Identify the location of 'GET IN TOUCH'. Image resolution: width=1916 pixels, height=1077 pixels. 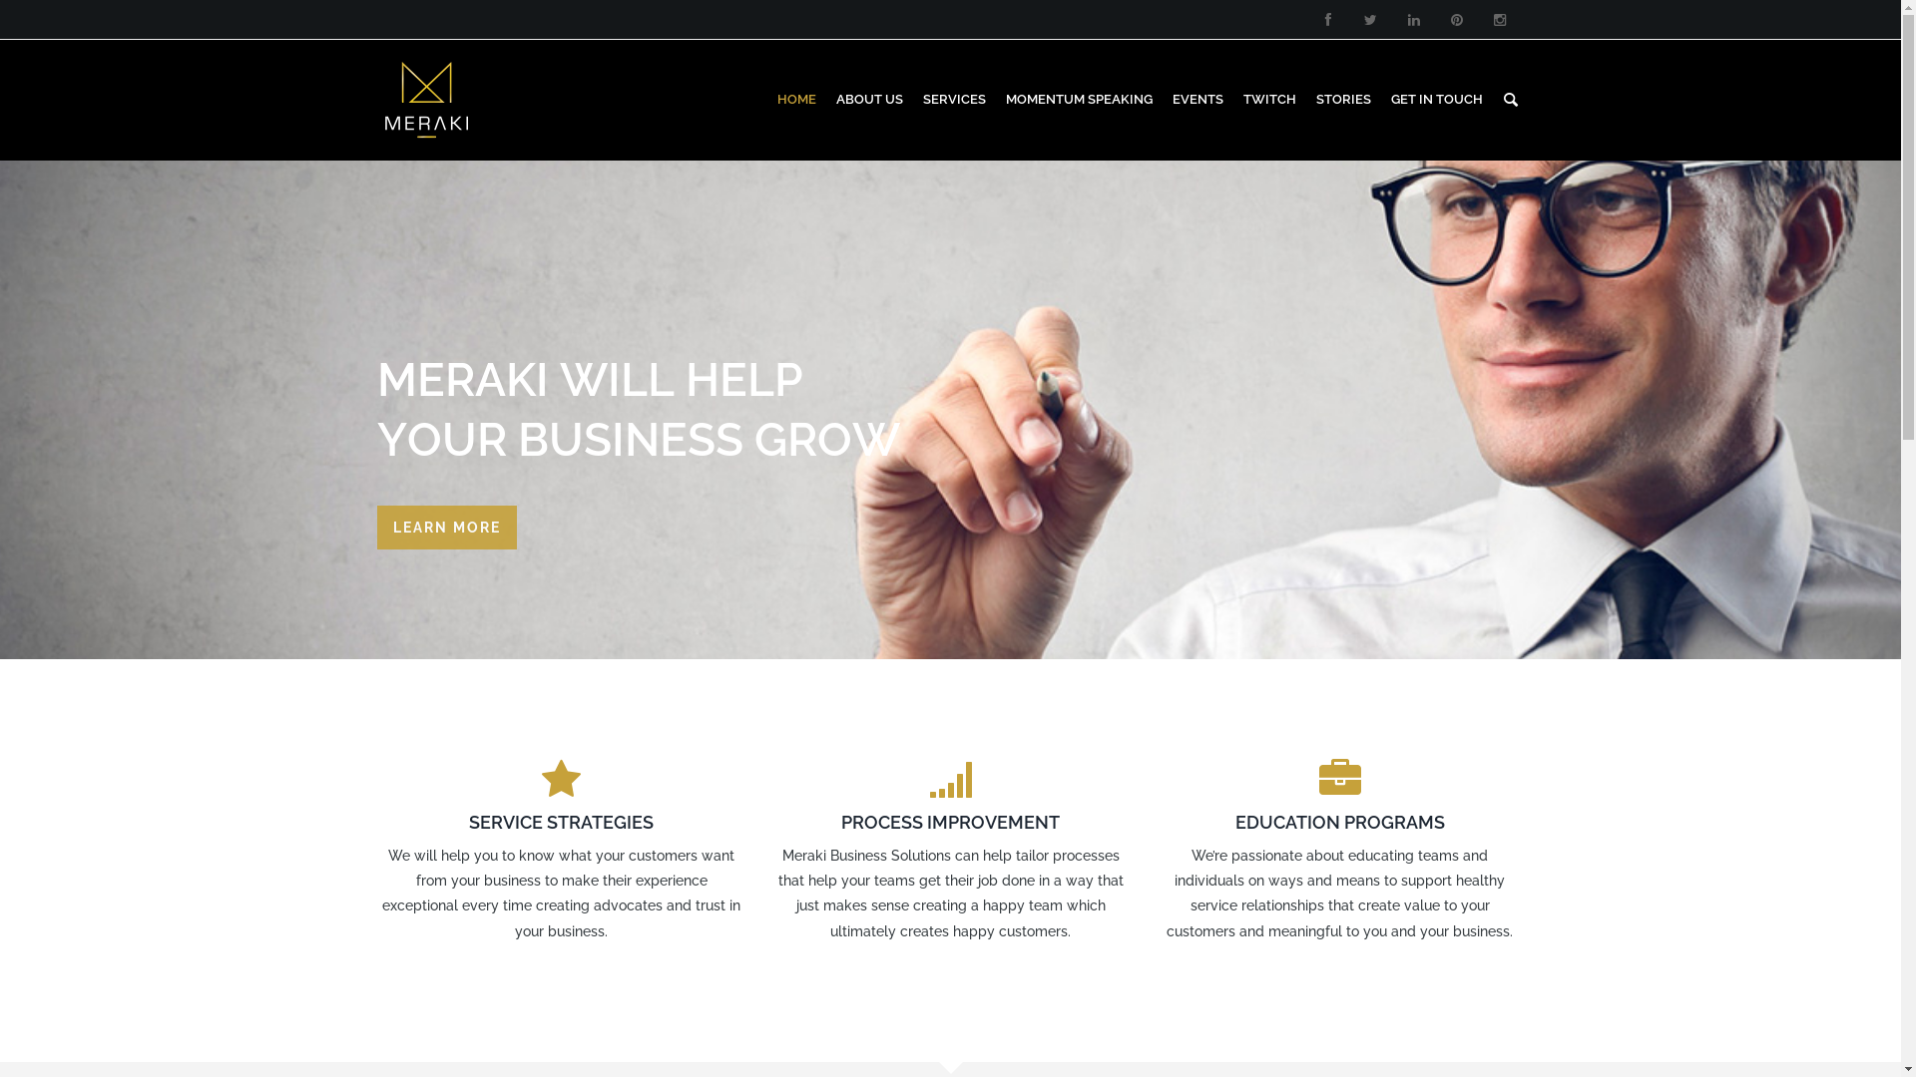
(1389, 100).